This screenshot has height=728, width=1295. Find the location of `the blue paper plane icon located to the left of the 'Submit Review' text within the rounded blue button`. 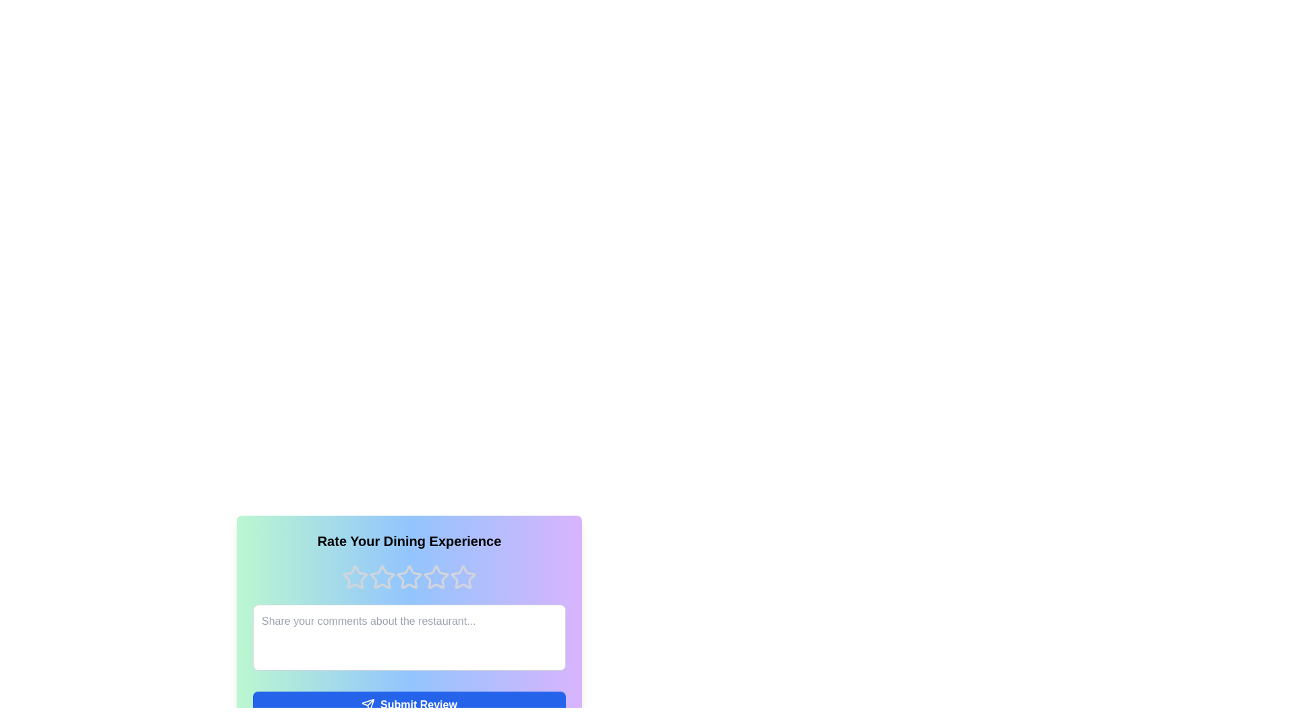

the blue paper plane icon located to the left of the 'Submit Review' text within the rounded blue button is located at coordinates (368, 704).